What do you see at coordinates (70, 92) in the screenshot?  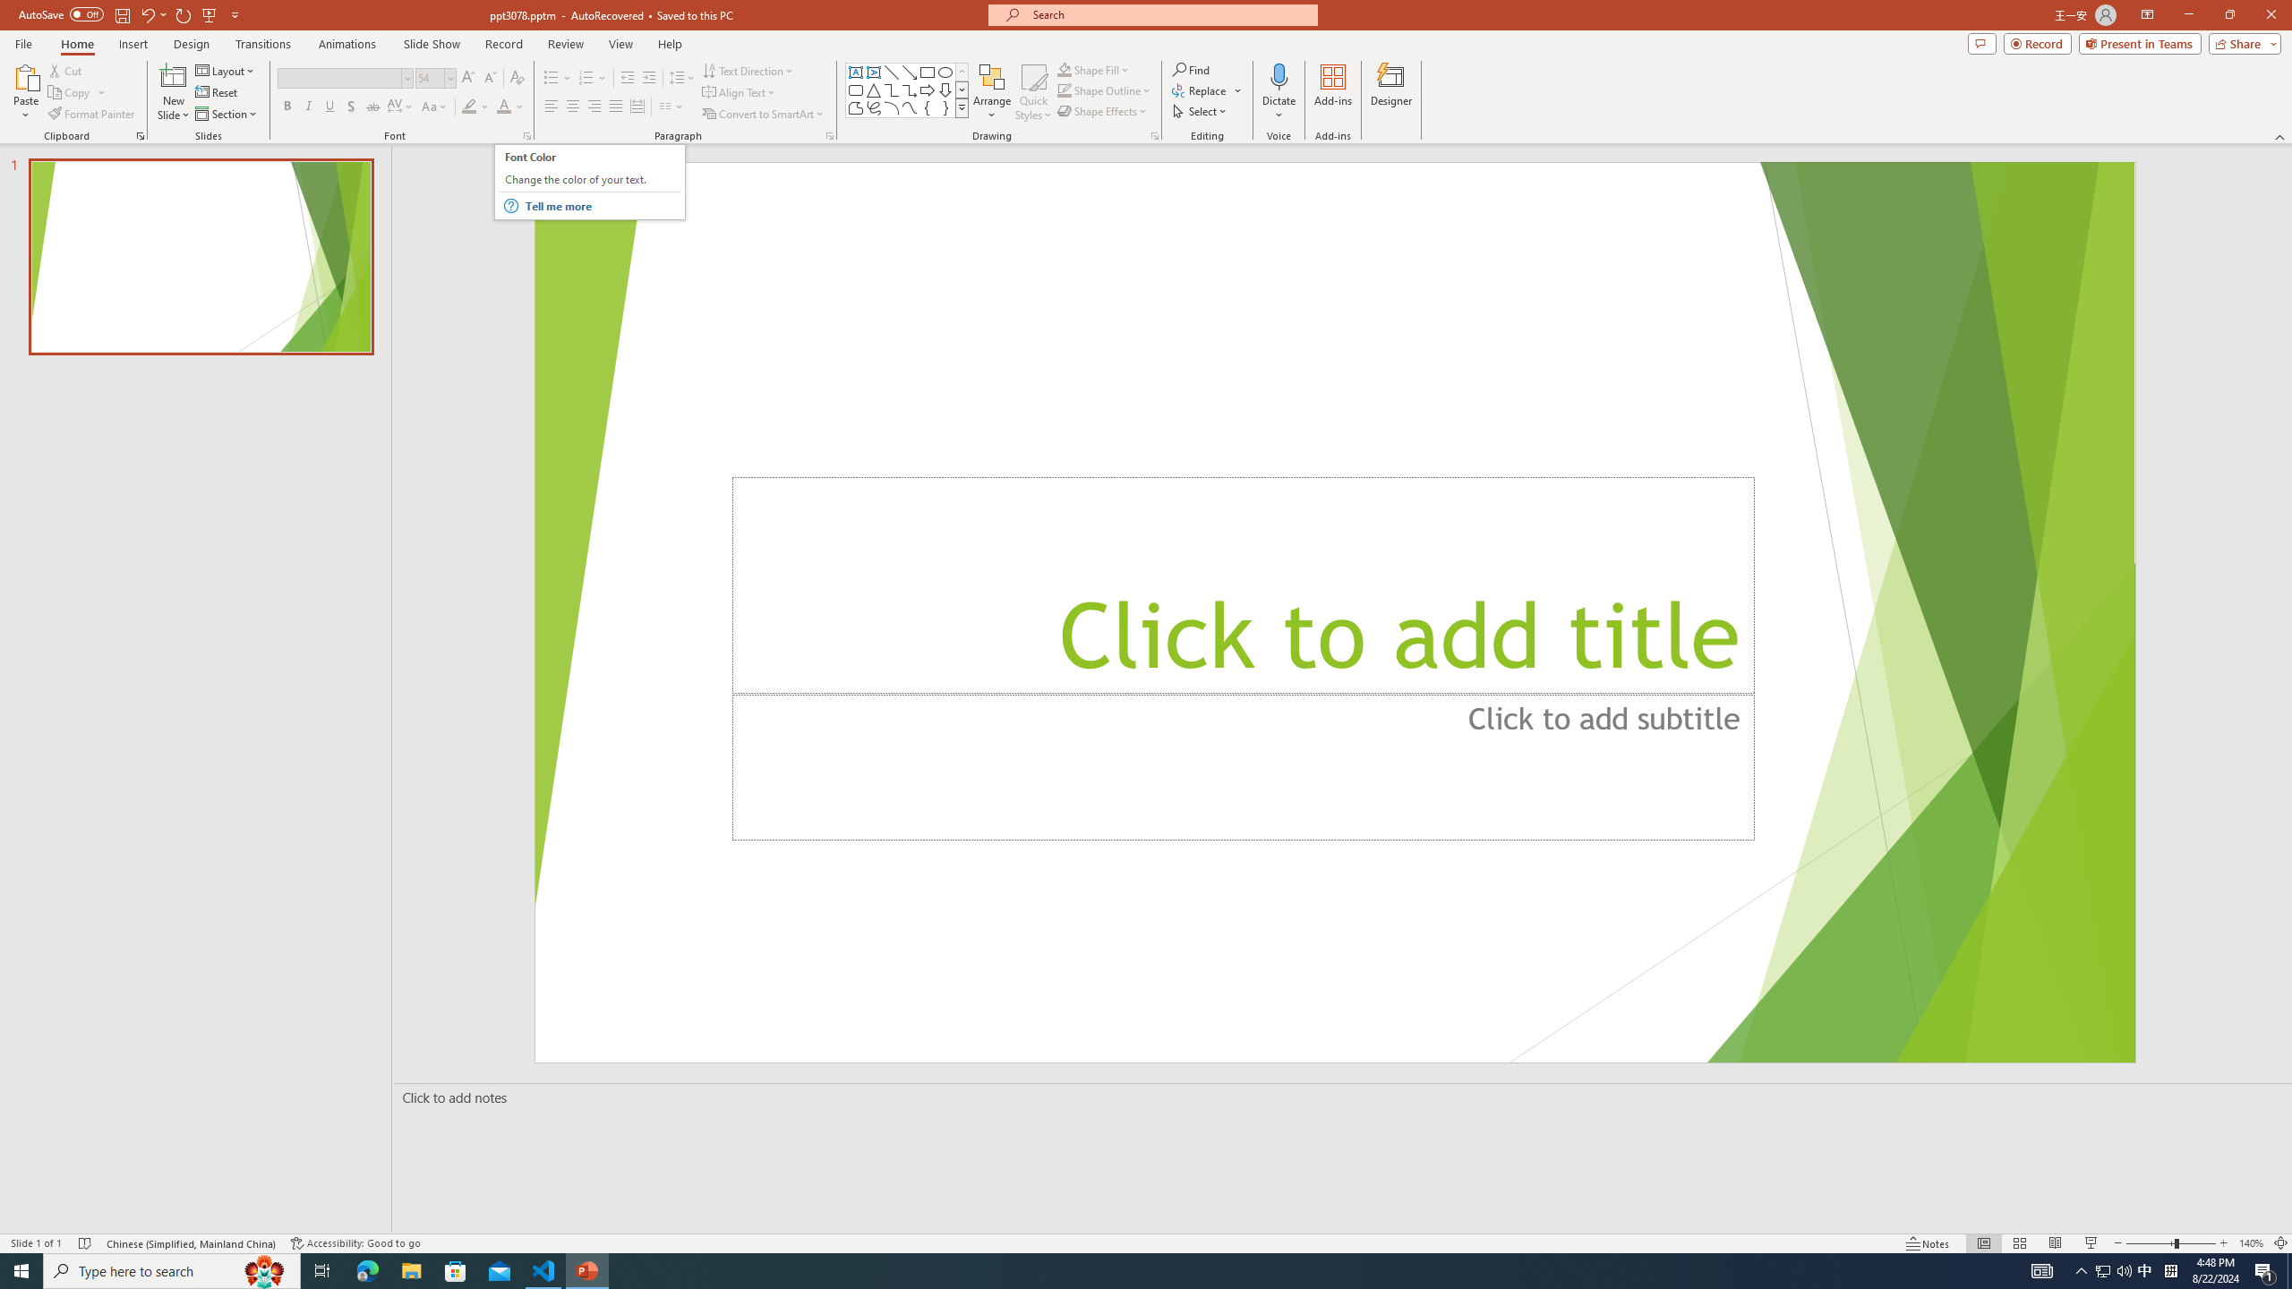 I see `'Copy'` at bounding box center [70, 92].